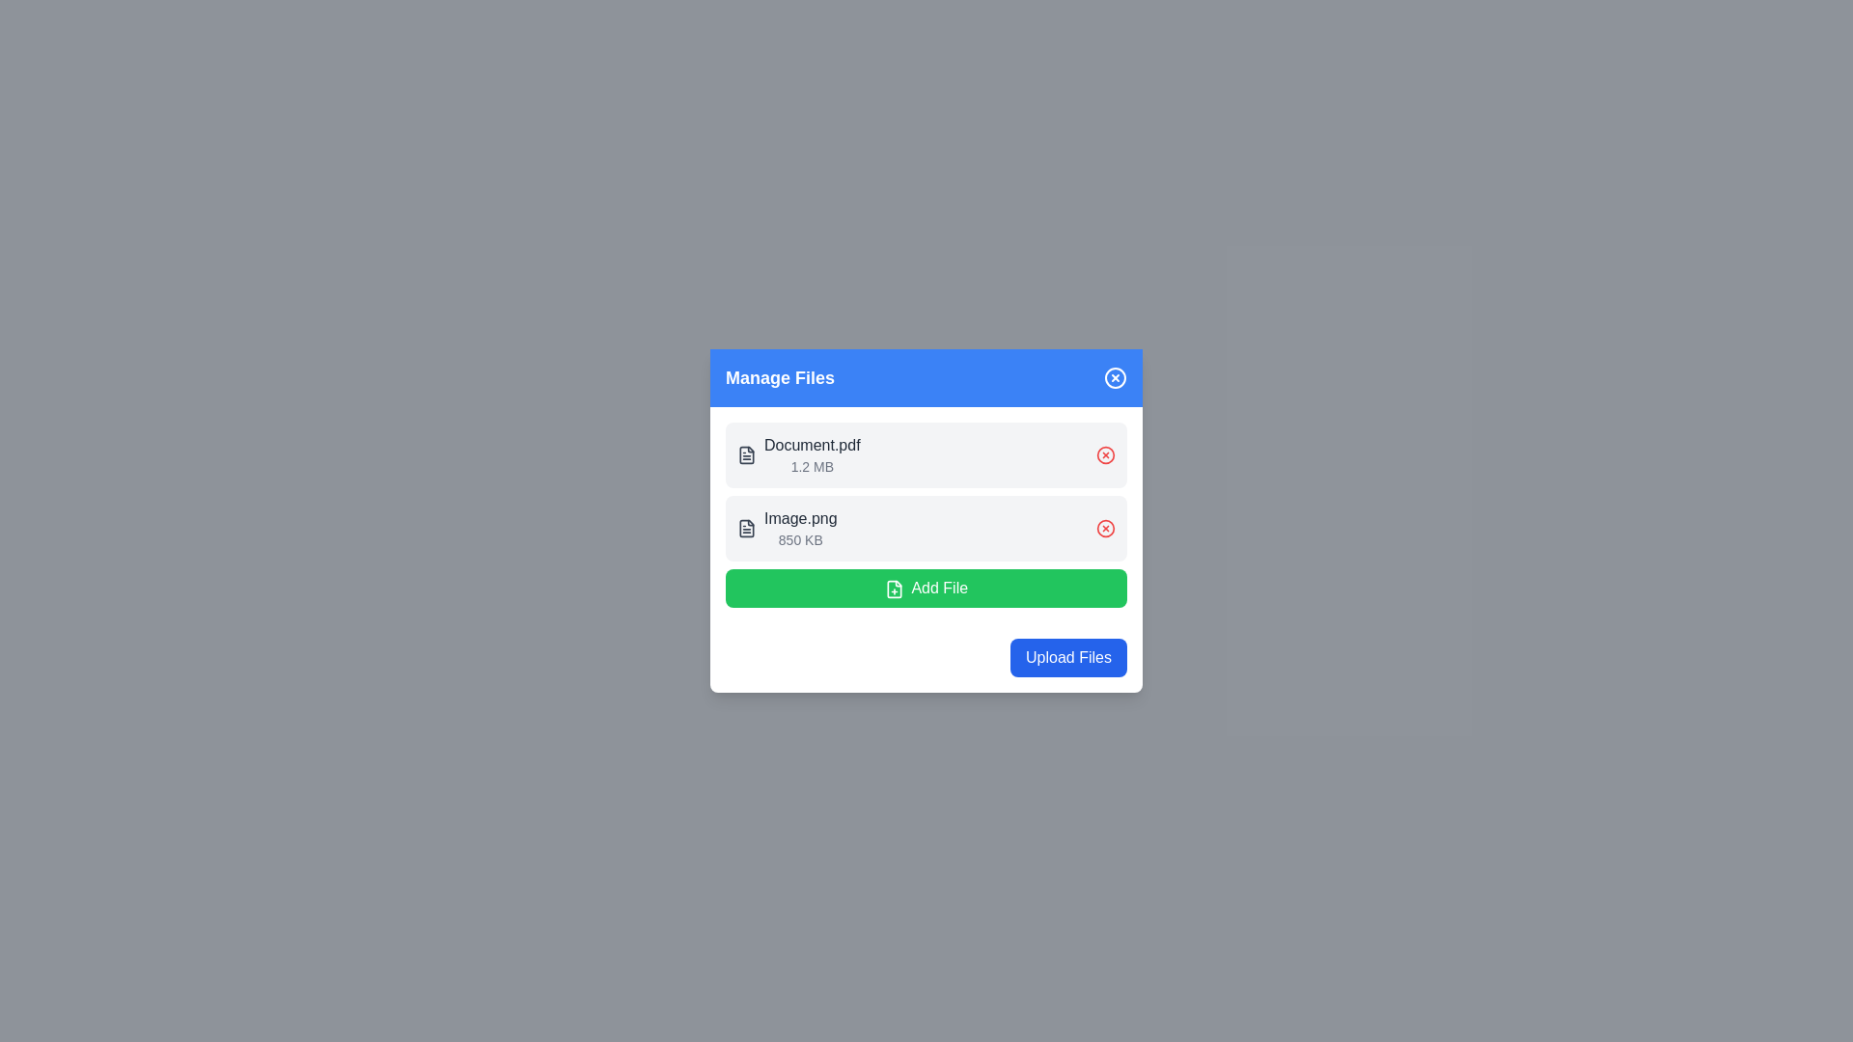  What do you see at coordinates (926, 521) in the screenshot?
I see `the File Item labeled 'Image.png'` at bounding box center [926, 521].